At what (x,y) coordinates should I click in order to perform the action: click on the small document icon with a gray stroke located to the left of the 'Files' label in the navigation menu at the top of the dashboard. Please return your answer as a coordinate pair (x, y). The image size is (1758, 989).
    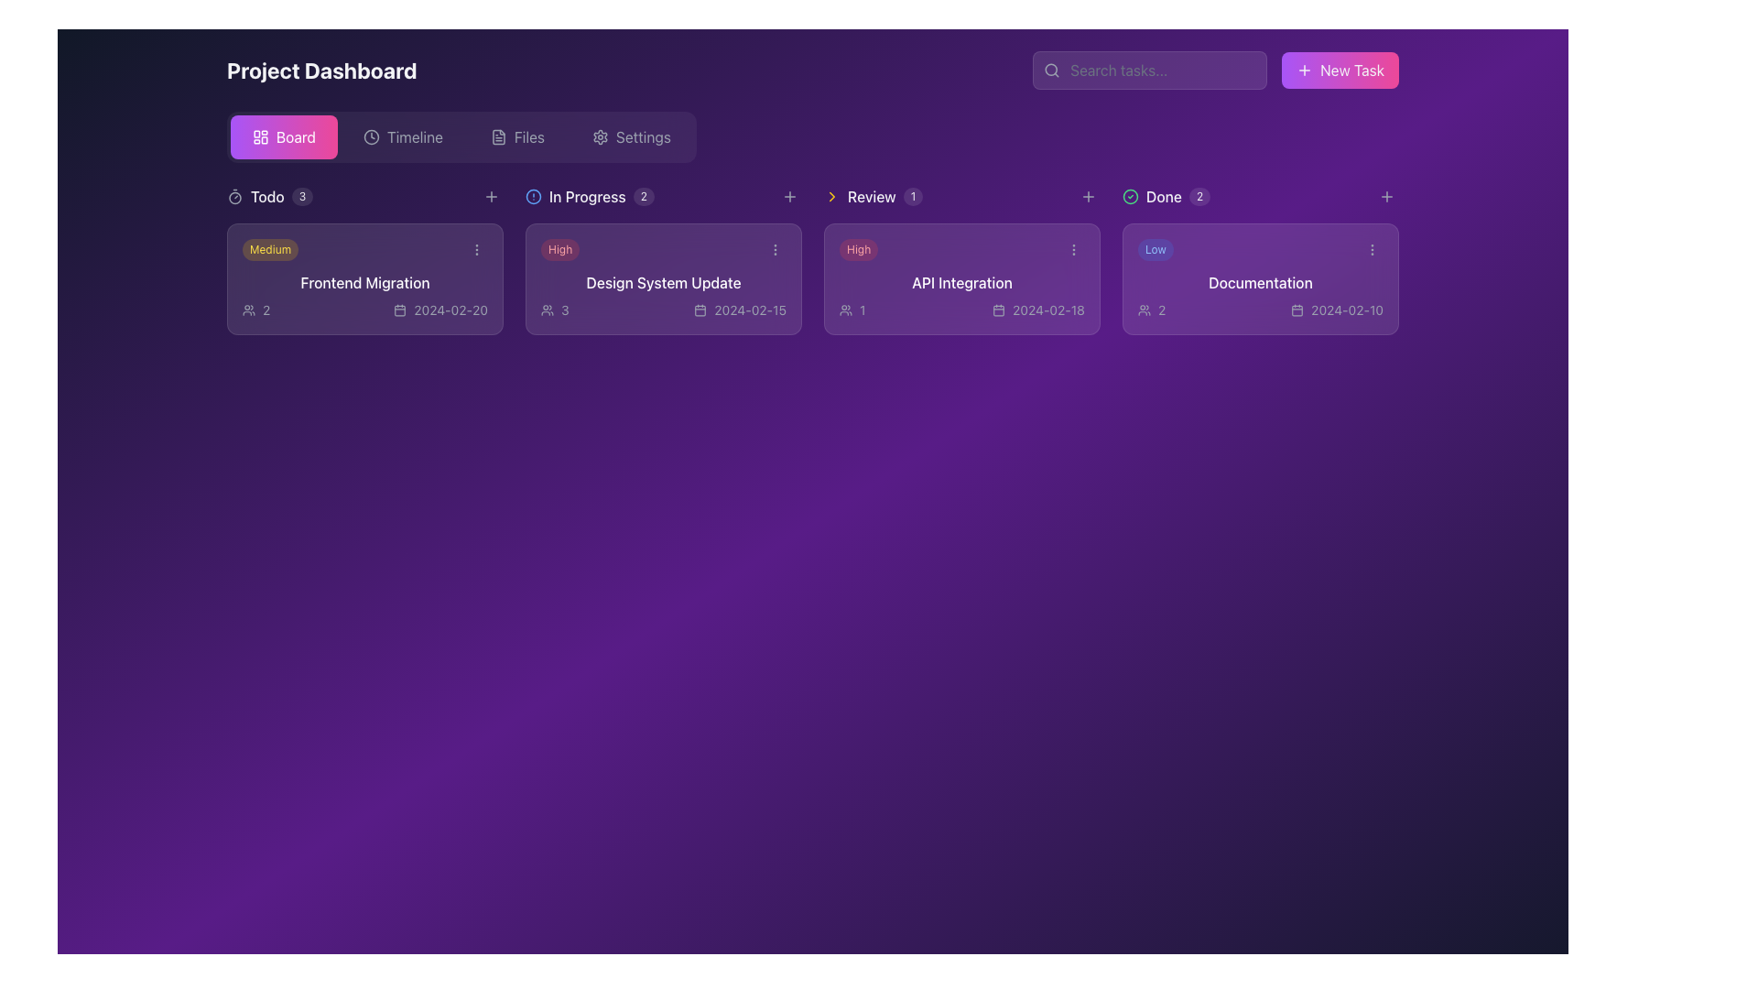
    Looking at the image, I should click on (498, 136).